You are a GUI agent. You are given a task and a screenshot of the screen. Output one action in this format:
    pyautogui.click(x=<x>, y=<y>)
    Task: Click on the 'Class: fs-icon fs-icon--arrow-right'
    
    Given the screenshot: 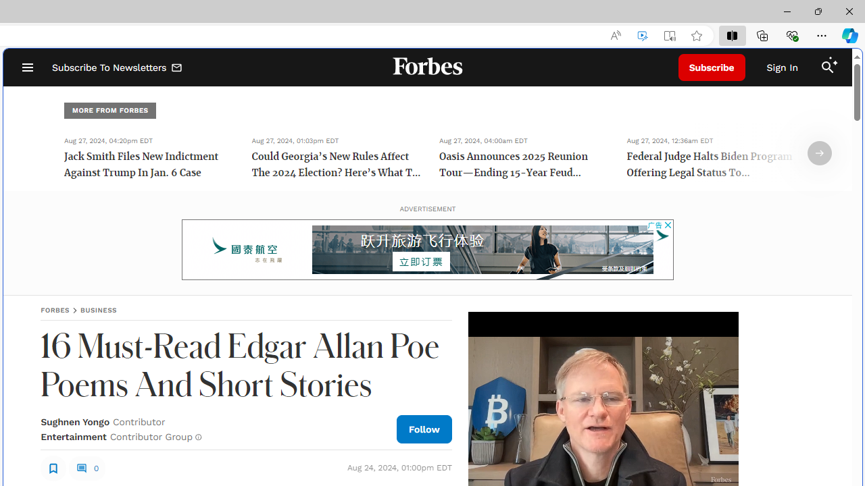 What is the action you would take?
    pyautogui.click(x=818, y=153)
    